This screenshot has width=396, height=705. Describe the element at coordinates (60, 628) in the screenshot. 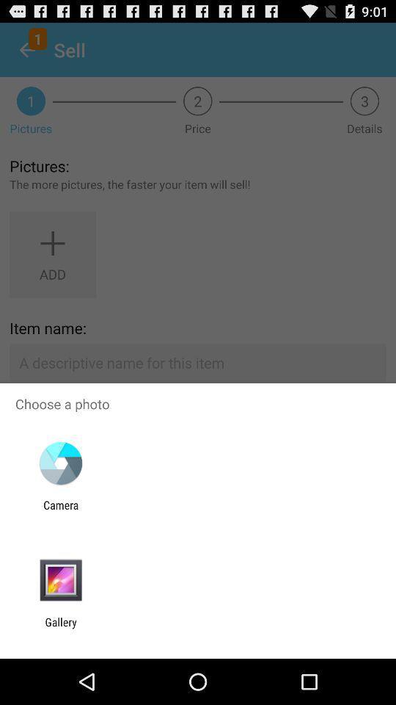

I see `the gallery app` at that location.